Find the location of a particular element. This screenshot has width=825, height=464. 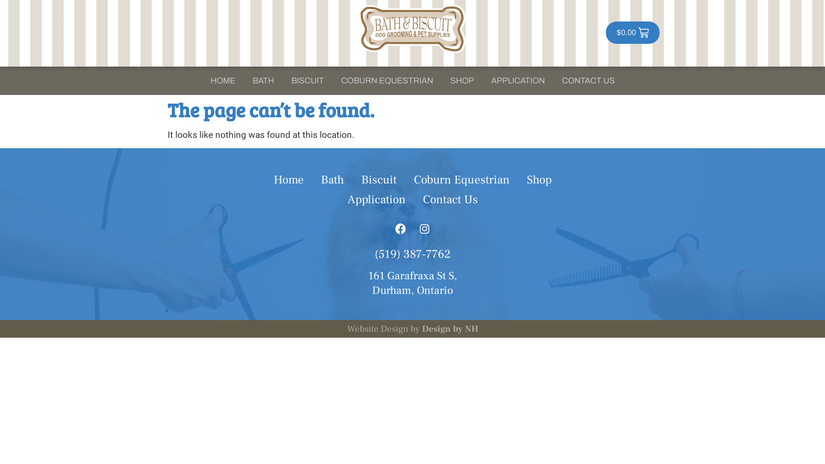

'161 Garafraxa St S, is located at coordinates (412, 283).